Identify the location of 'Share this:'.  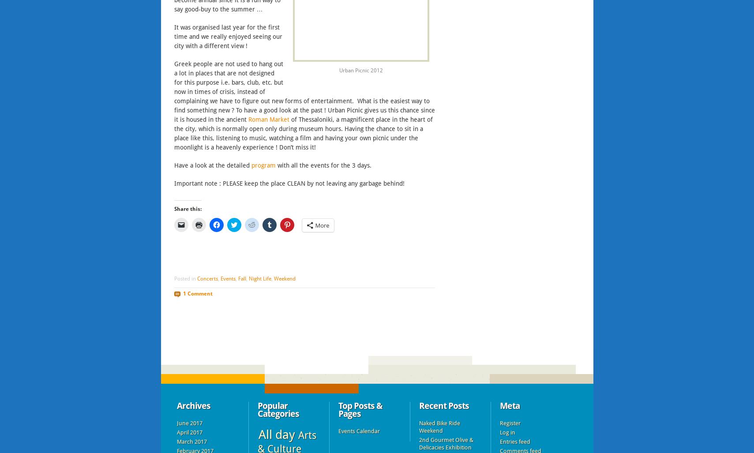
(187, 209).